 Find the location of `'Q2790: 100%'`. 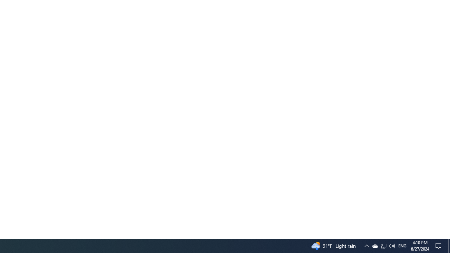

'Q2790: 100%' is located at coordinates (374, 245).